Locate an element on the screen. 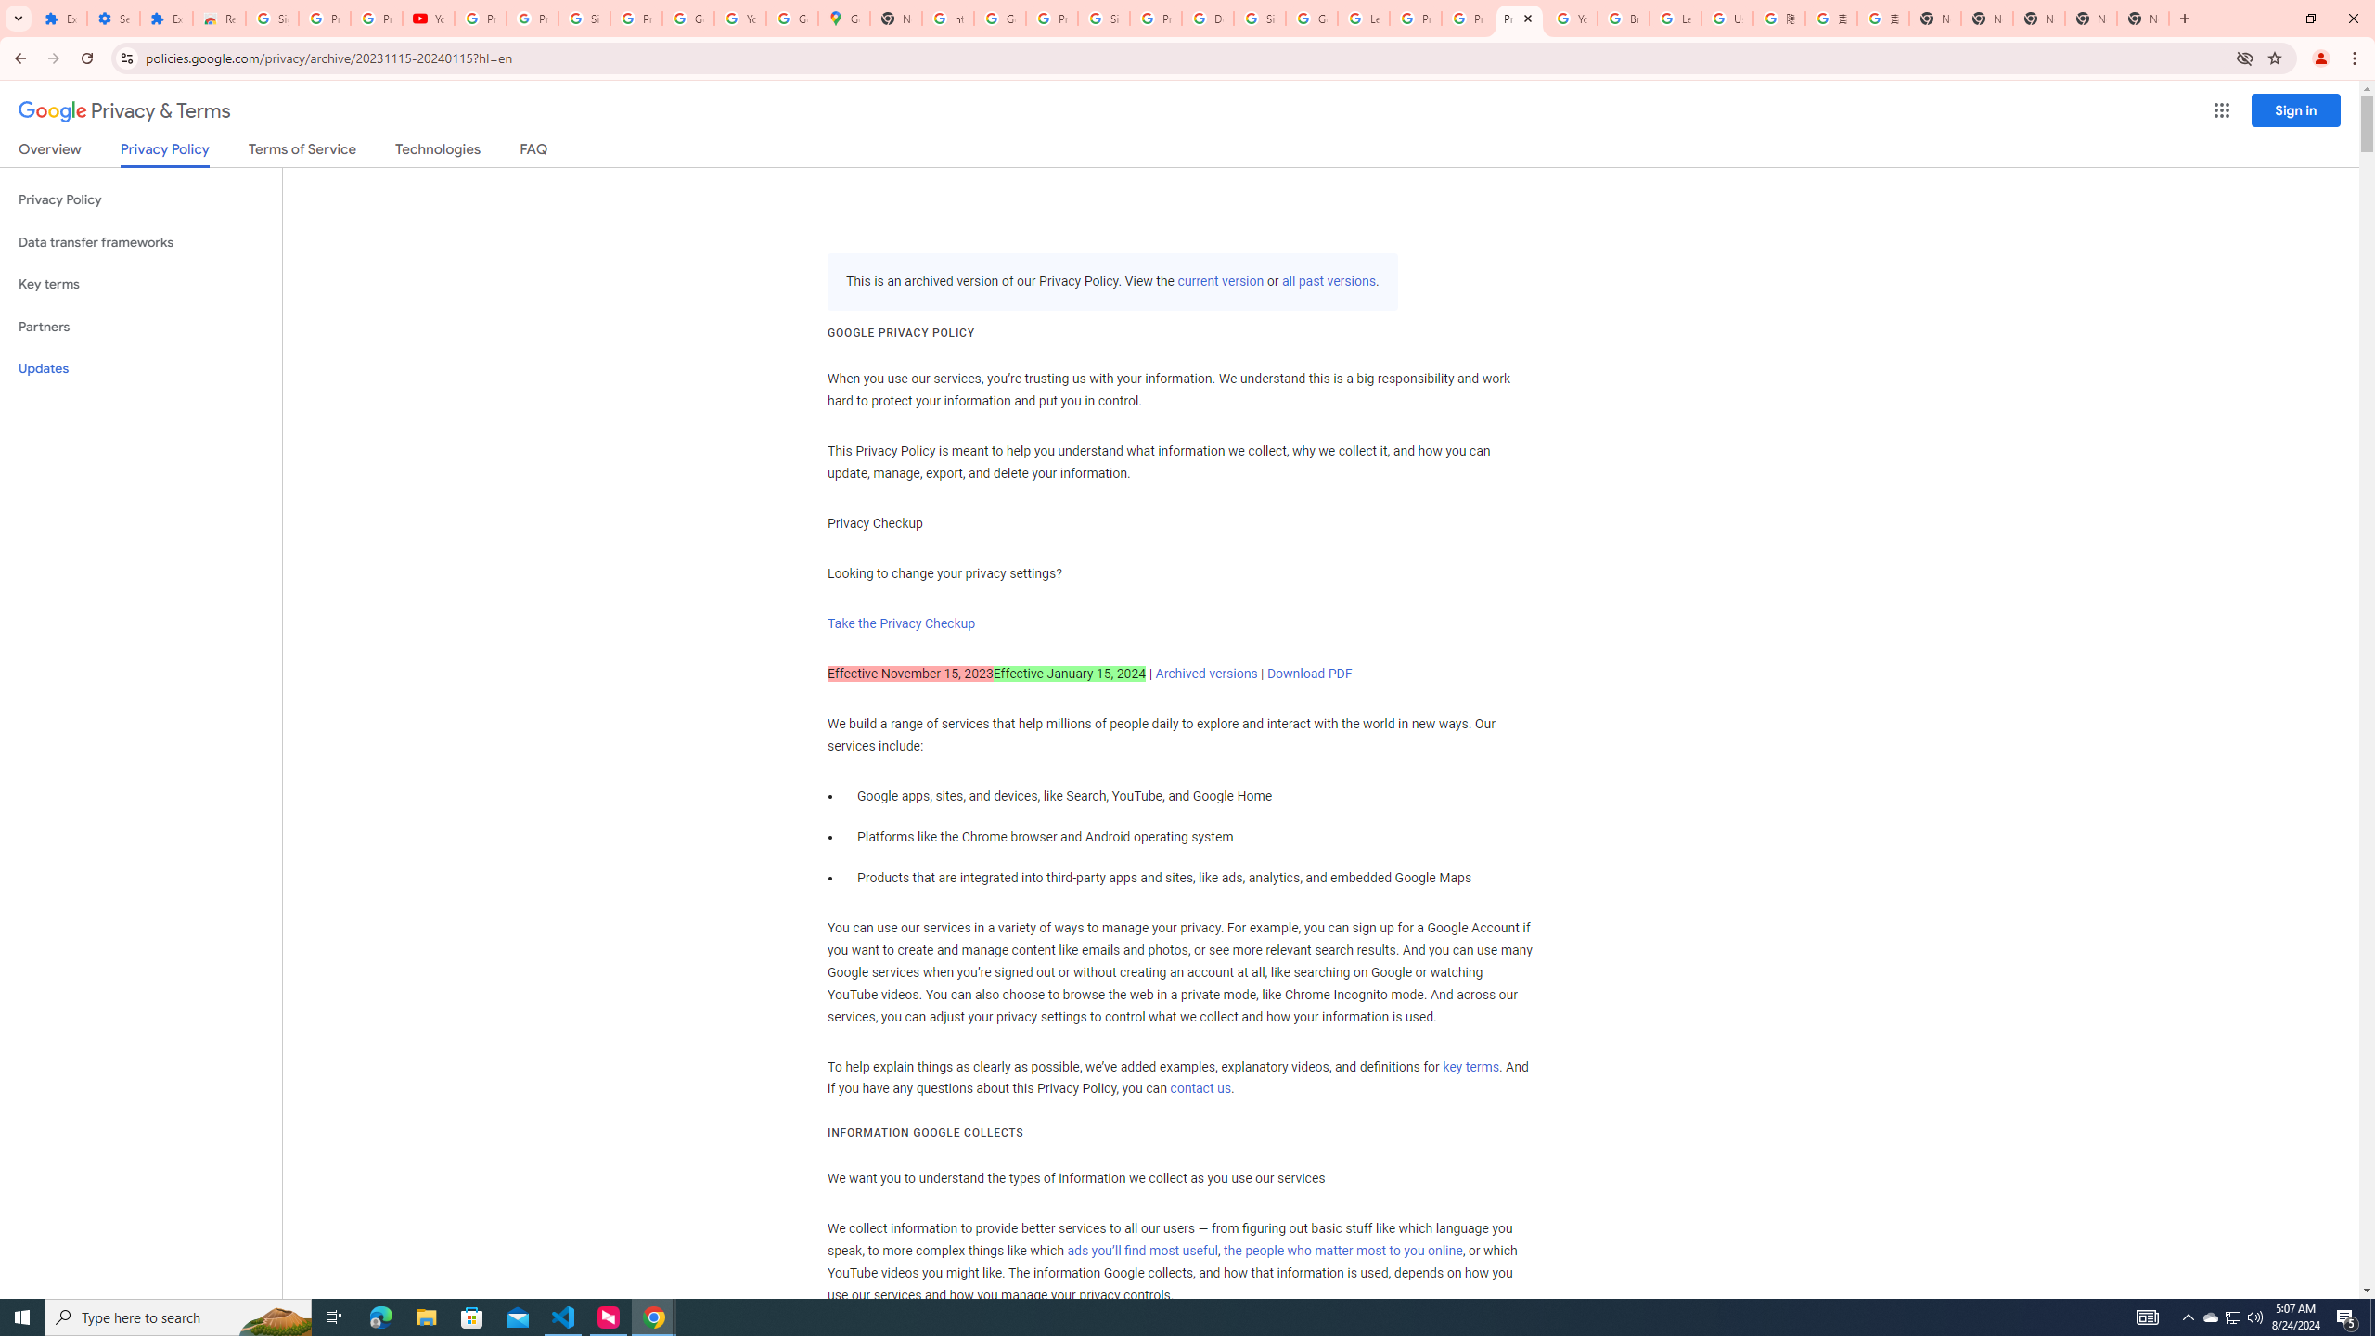  'all past versions' is located at coordinates (1327, 280).